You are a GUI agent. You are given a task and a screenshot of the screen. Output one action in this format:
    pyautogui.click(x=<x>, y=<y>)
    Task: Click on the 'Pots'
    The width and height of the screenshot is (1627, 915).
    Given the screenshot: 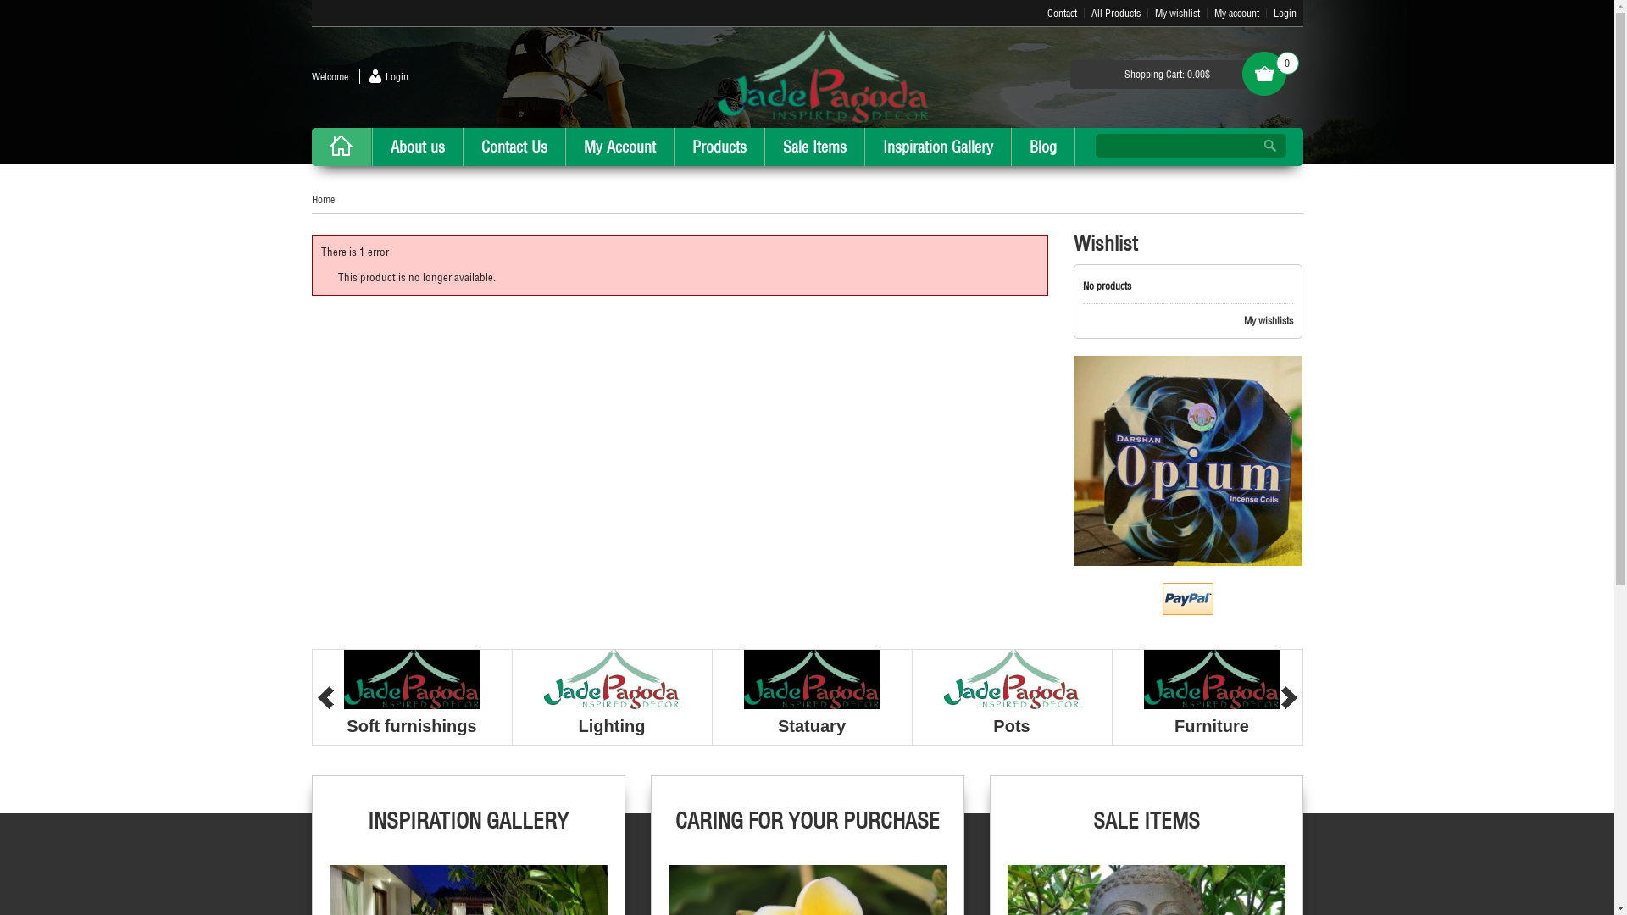 What is the action you would take?
    pyautogui.click(x=1011, y=724)
    